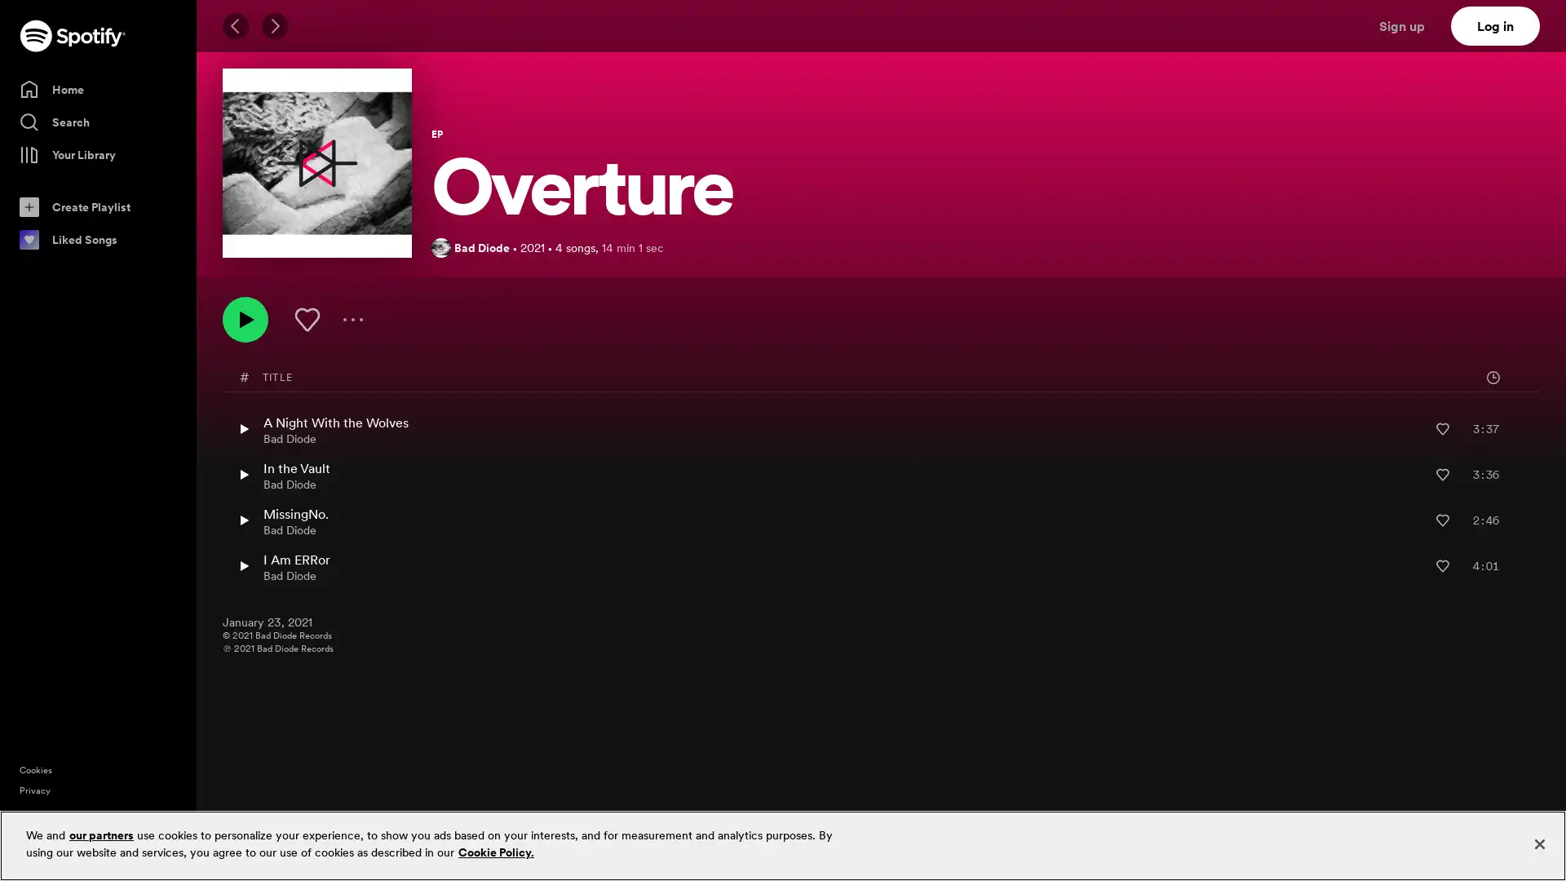 This screenshot has width=1566, height=881. Describe the element at coordinates (1538, 843) in the screenshot. I see `Close` at that location.